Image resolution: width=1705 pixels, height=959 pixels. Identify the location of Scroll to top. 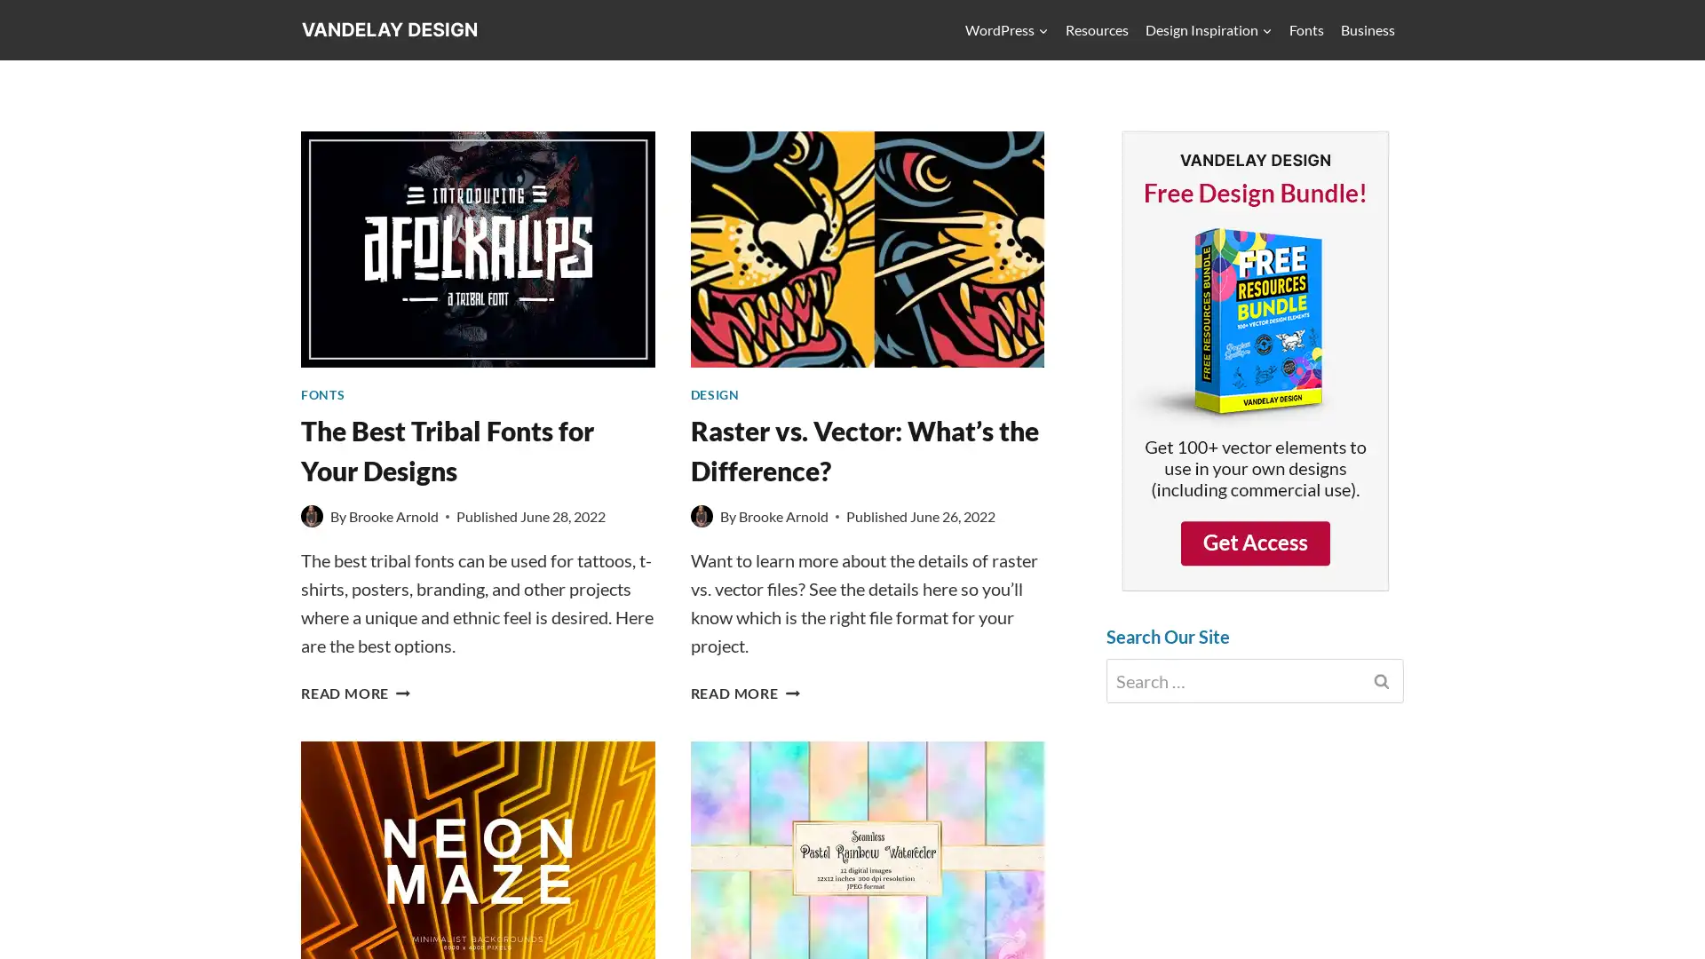
(1666, 920).